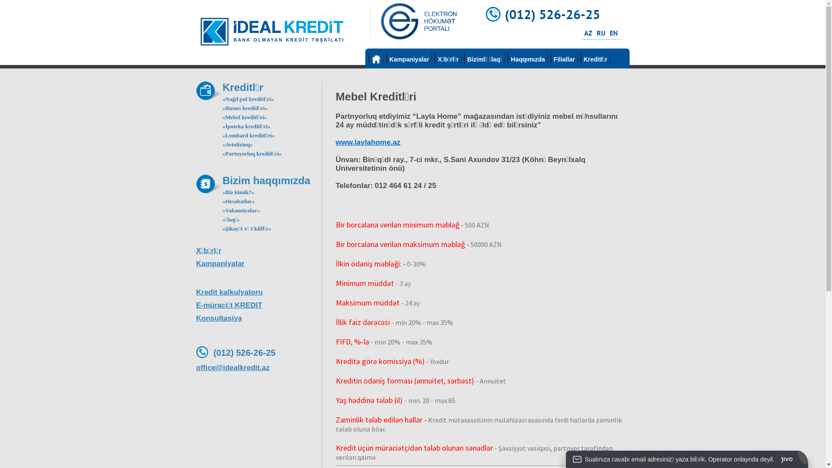 This screenshot has height=468, width=832. I want to click on 'office@idealkredit.az', so click(195, 367).